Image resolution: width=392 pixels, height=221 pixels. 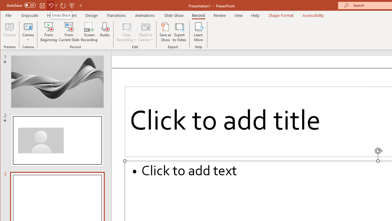 What do you see at coordinates (105, 32) in the screenshot?
I see `'Audio'` at bounding box center [105, 32].